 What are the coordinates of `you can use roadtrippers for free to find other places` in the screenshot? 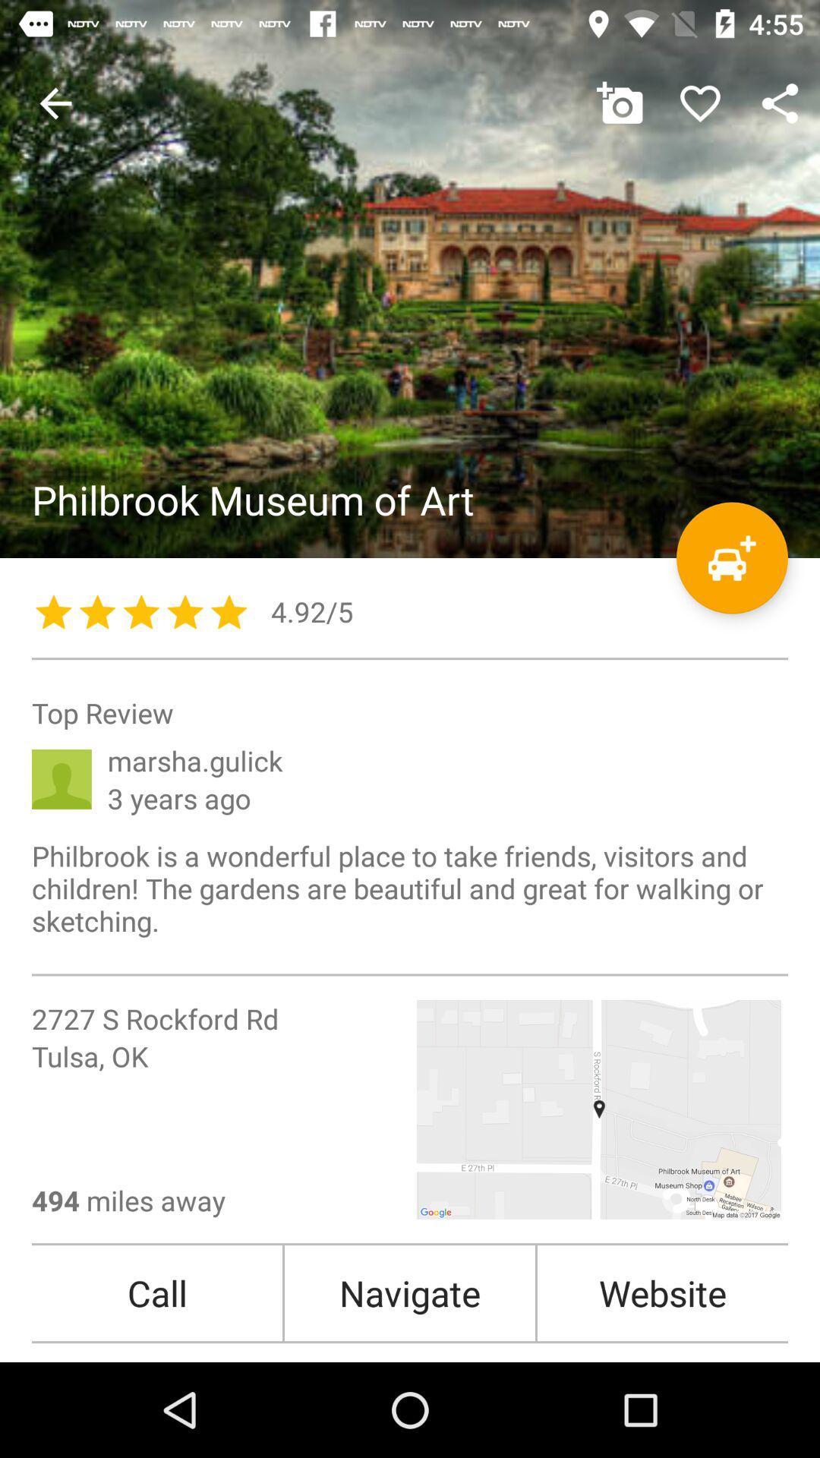 It's located at (731, 557).